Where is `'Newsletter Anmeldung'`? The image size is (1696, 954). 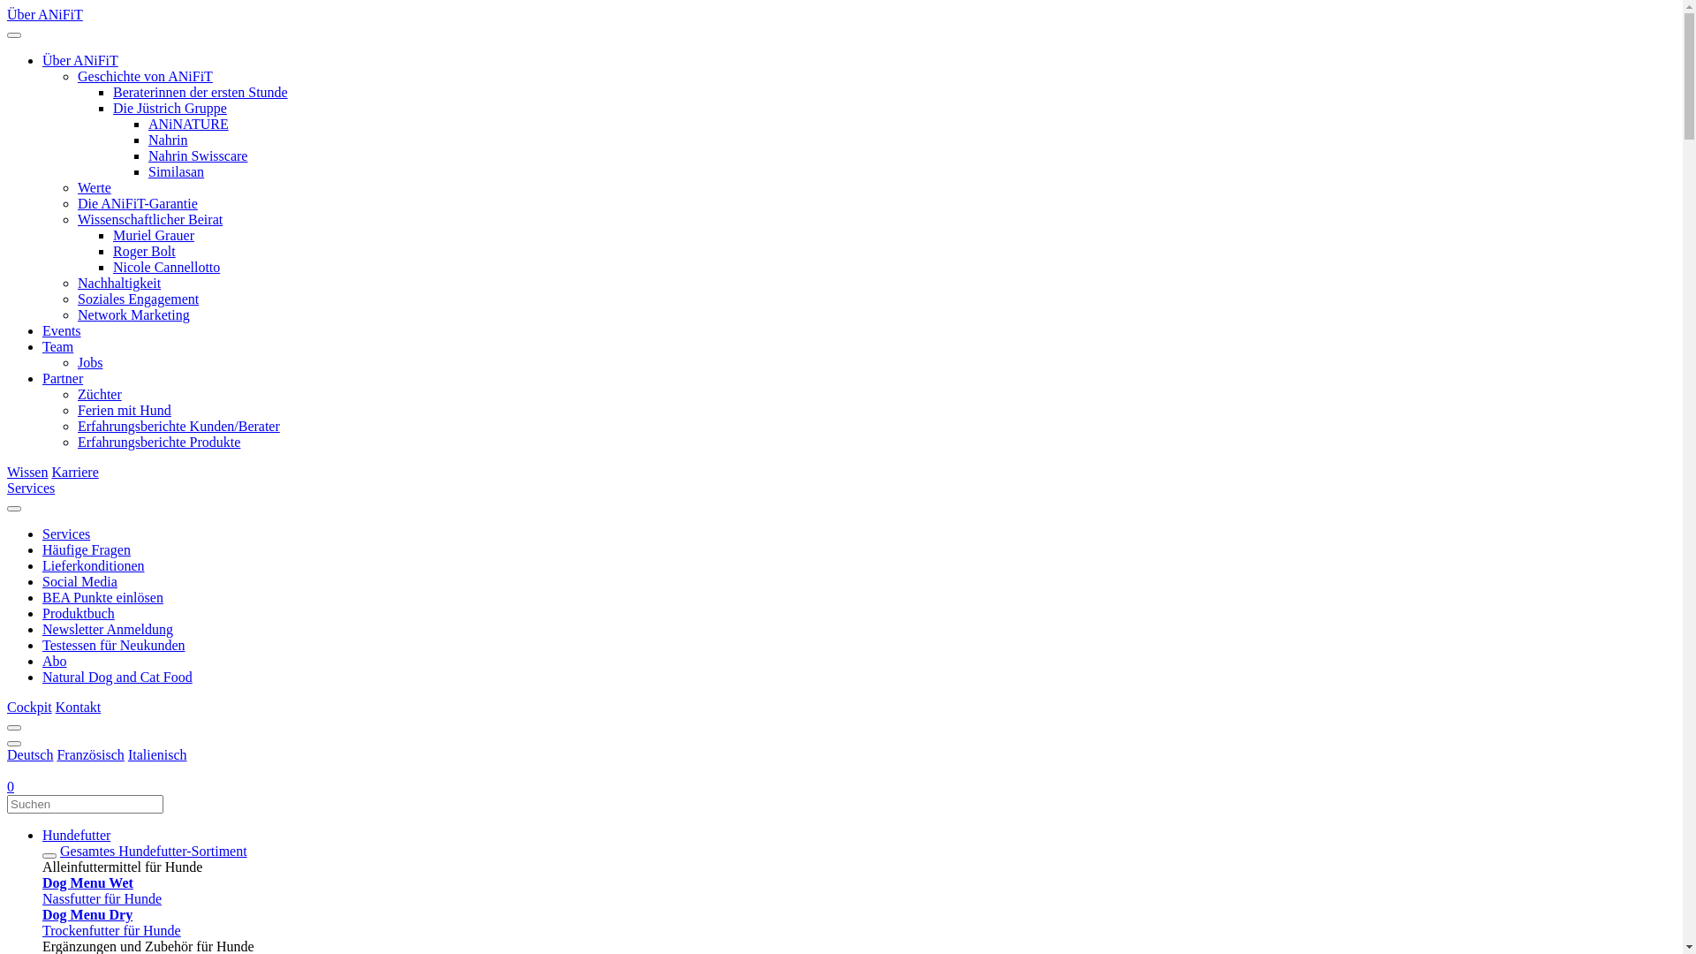 'Newsletter Anmeldung' is located at coordinates (106, 628).